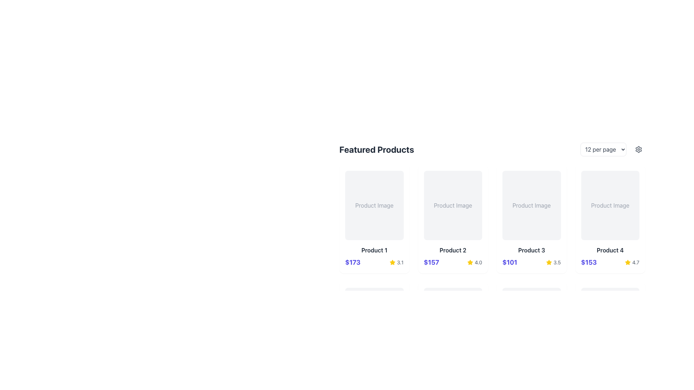 The image size is (694, 390). What do you see at coordinates (374, 250) in the screenshot?
I see `the static text label that identifies the first product in the grid of featured products, located below the 'Product Image' and above the price label '$173'` at bounding box center [374, 250].